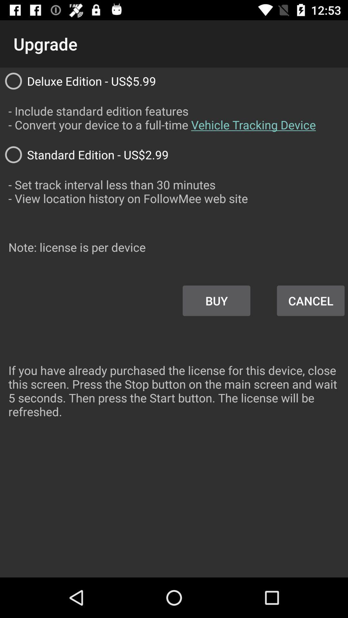 The height and width of the screenshot is (618, 348). I want to click on buy, so click(217, 301).